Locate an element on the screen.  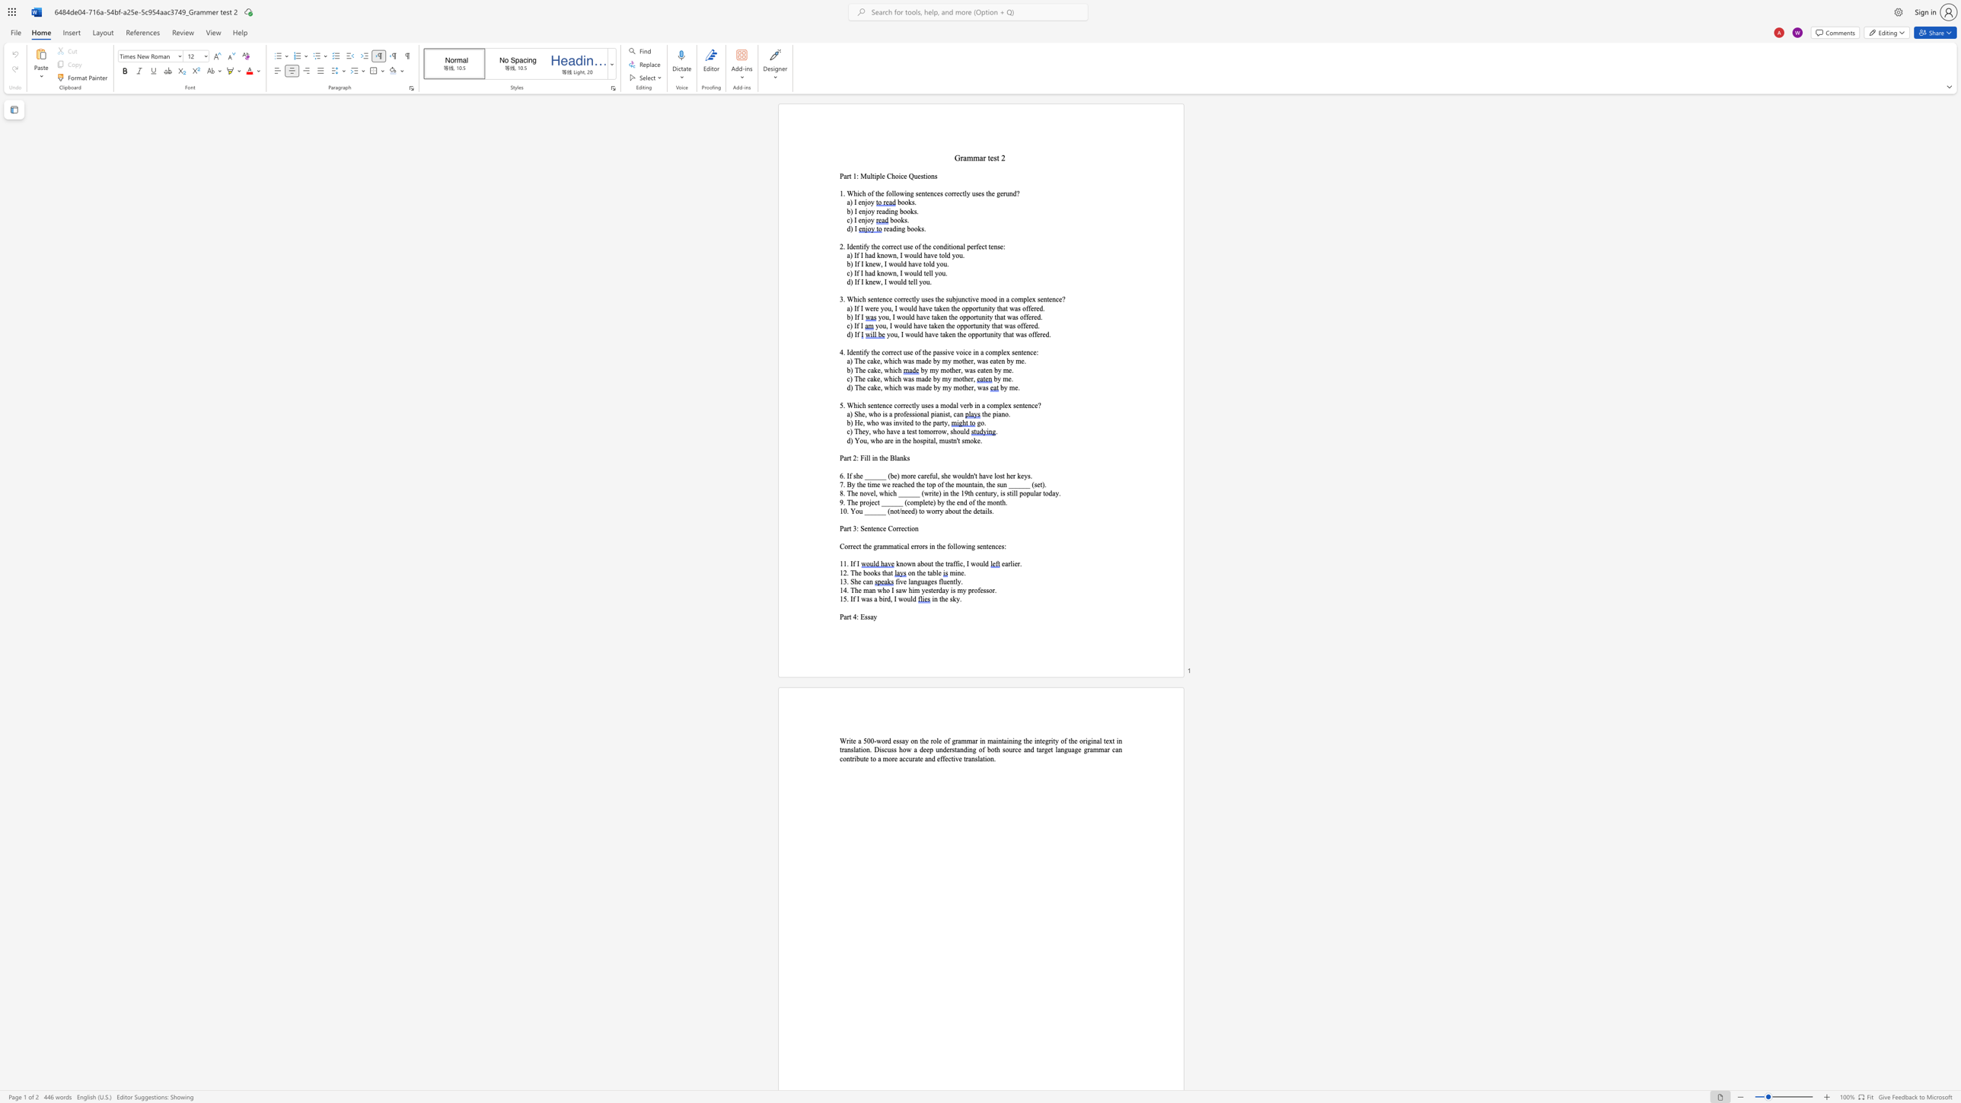
the subset text "ten b" within the text "by my mother, was eaten by me." is located at coordinates (984, 370).